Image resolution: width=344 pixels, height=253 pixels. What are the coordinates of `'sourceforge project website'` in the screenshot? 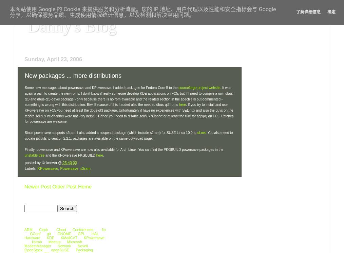 It's located at (178, 87).